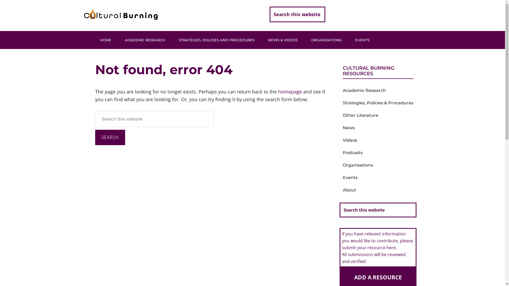 This screenshot has height=286, width=509. What do you see at coordinates (364, 90) in the screenshot?
I see `'Academic Research'` at bounding box center [364, 90].